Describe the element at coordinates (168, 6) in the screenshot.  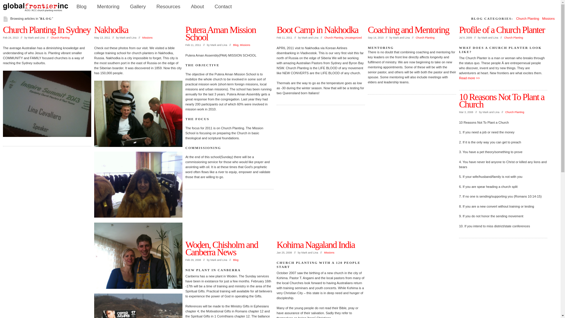
I see `'Resources'` at that location.